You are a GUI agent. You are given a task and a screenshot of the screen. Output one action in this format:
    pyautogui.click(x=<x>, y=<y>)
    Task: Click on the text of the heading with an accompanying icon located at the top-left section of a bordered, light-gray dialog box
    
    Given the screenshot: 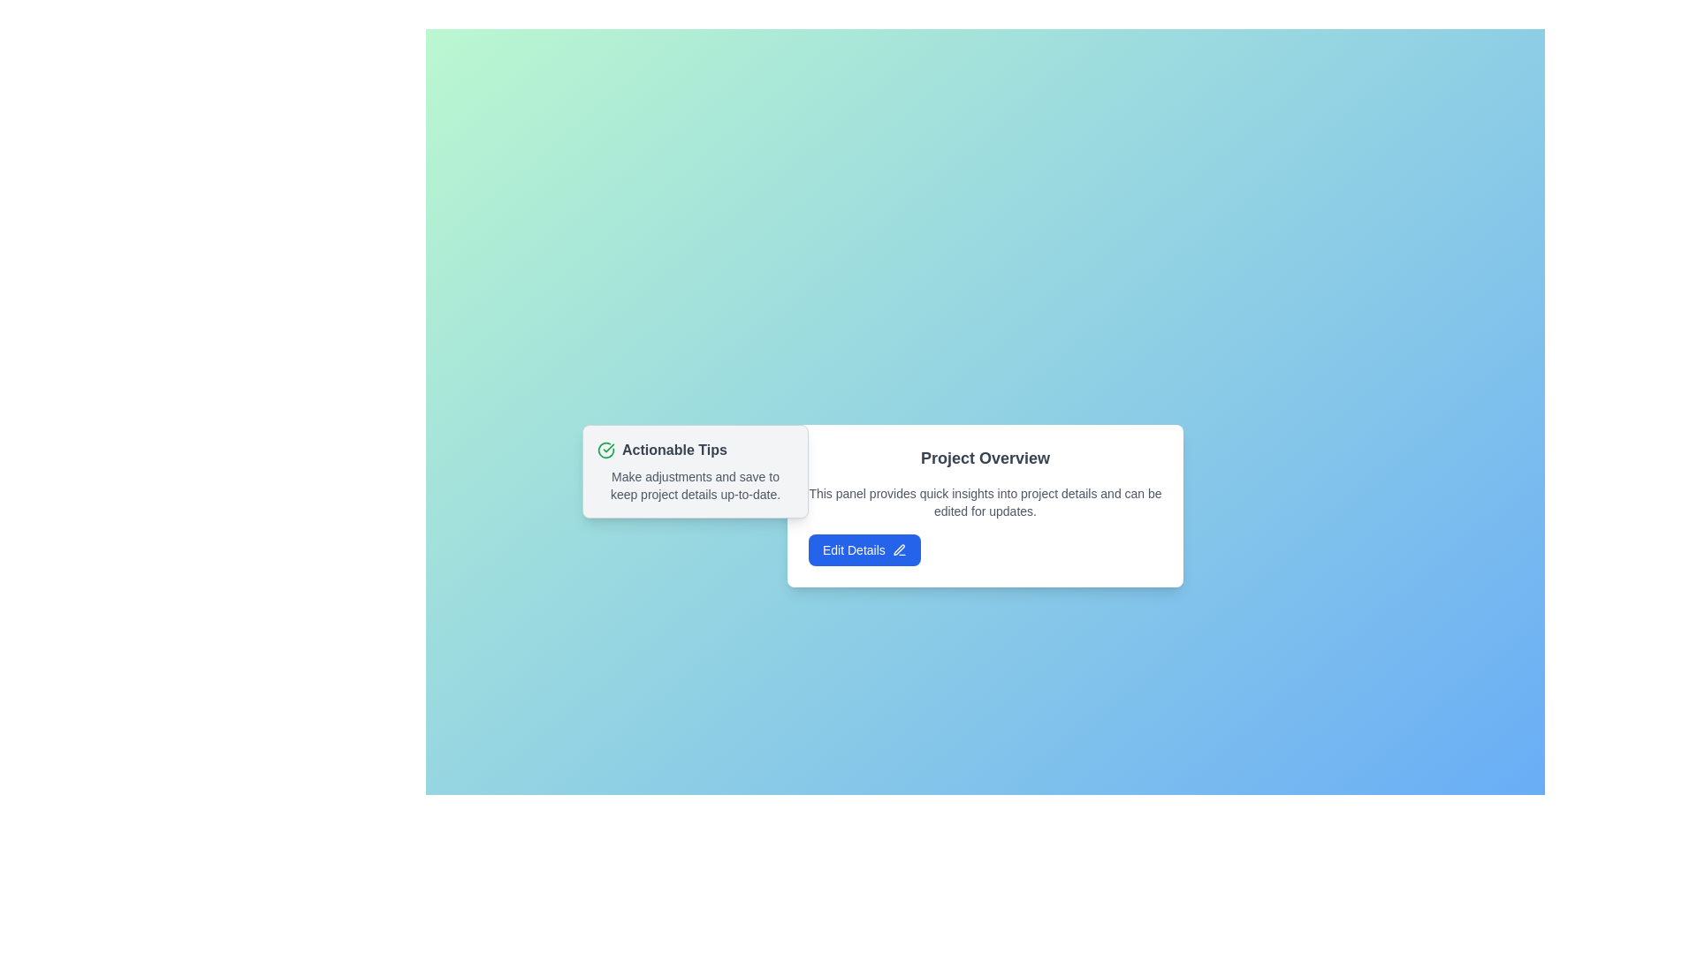 What is the action you would take?
    pyautogui.click(x=695, y=449)
    